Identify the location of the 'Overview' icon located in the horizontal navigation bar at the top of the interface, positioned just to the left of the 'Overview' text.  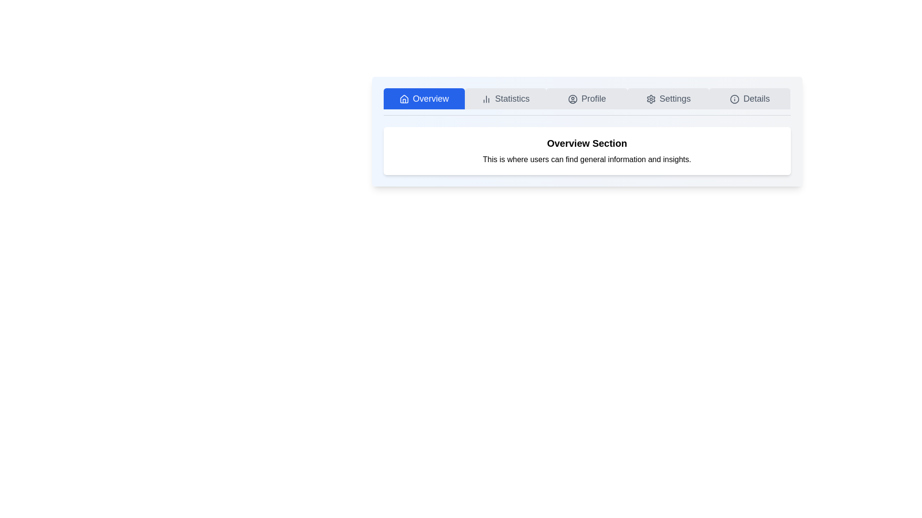
(404, 99).